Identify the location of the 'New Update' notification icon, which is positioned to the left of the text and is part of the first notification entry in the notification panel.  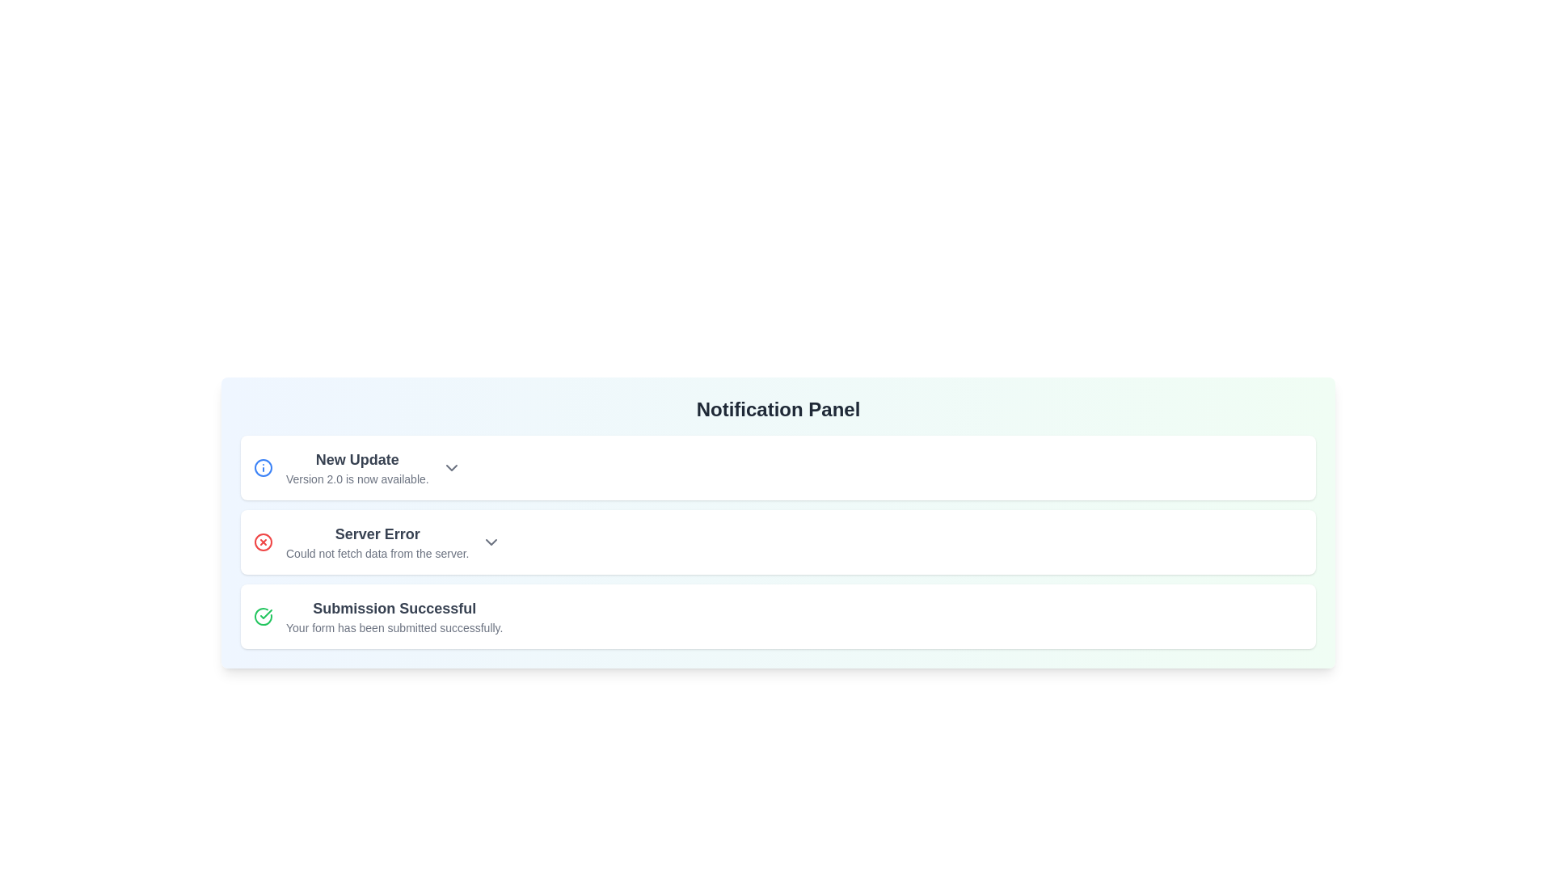
(264, 467).